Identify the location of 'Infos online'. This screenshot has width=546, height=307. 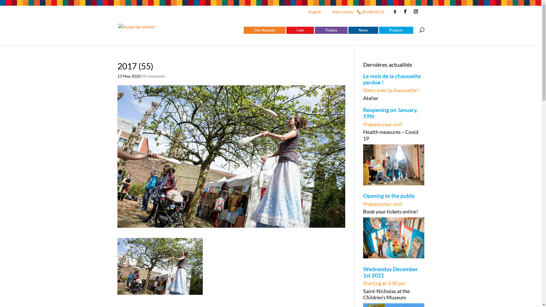
(342, 13).